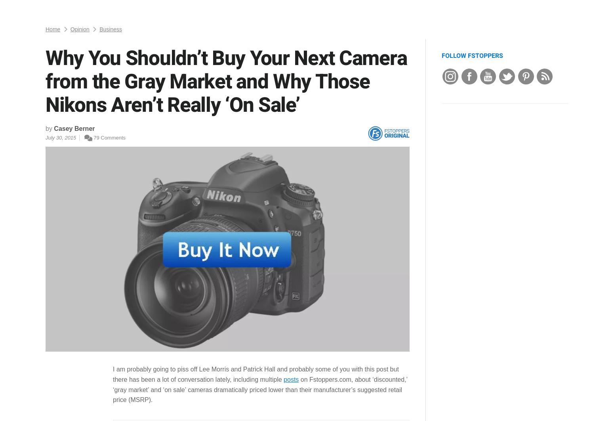 Image resolution: width=614 pixels, height=421 pixels. I want to click on 'Beautiful and Powerful: We Review the Nikon Z f', so click(497, 377).